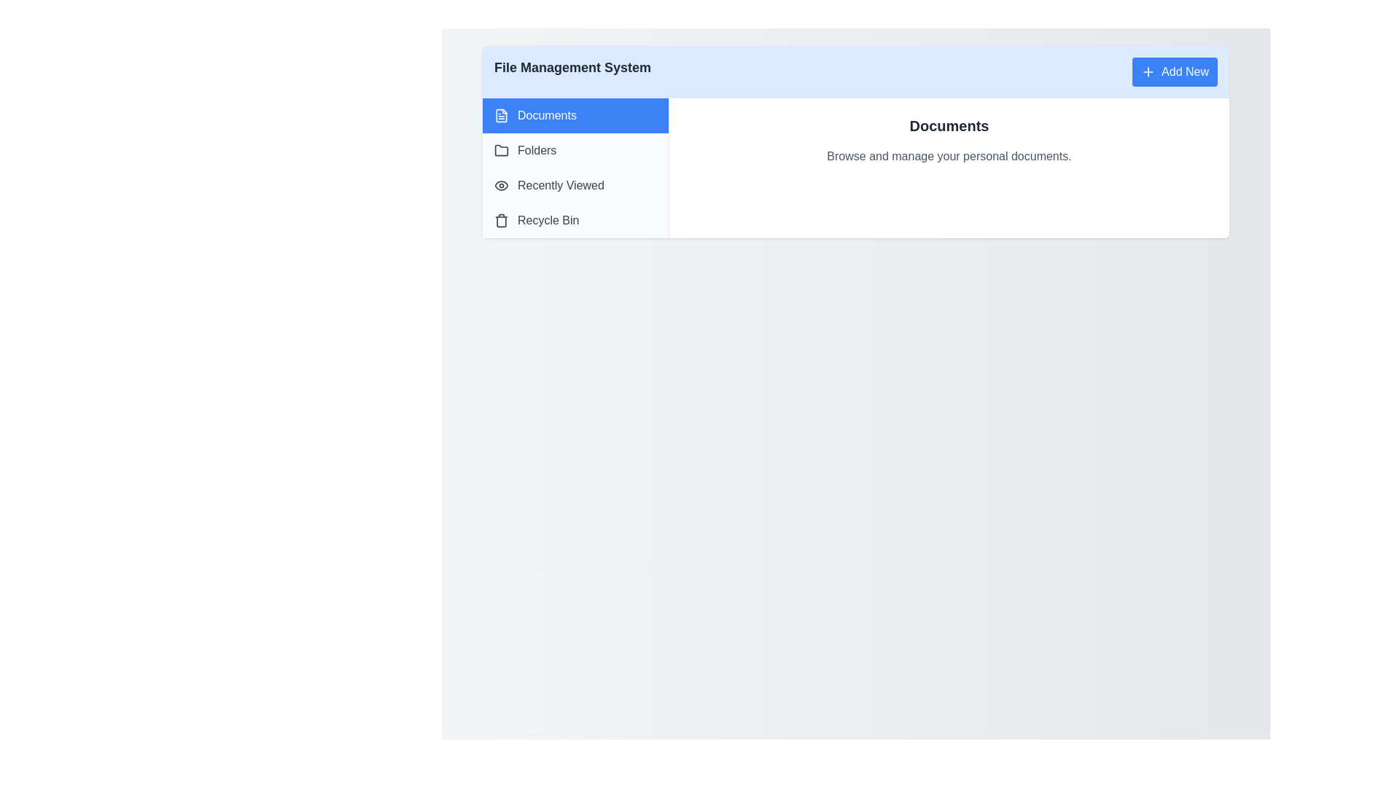 The width and height of the screenshot is (1400, 787). What do you see at coordinates (501, 184) in the screenshot?
I see `the 'Recently Viewed' icon located to the left of the 'Recently Viewed' label` at bounding box center [501, 184].